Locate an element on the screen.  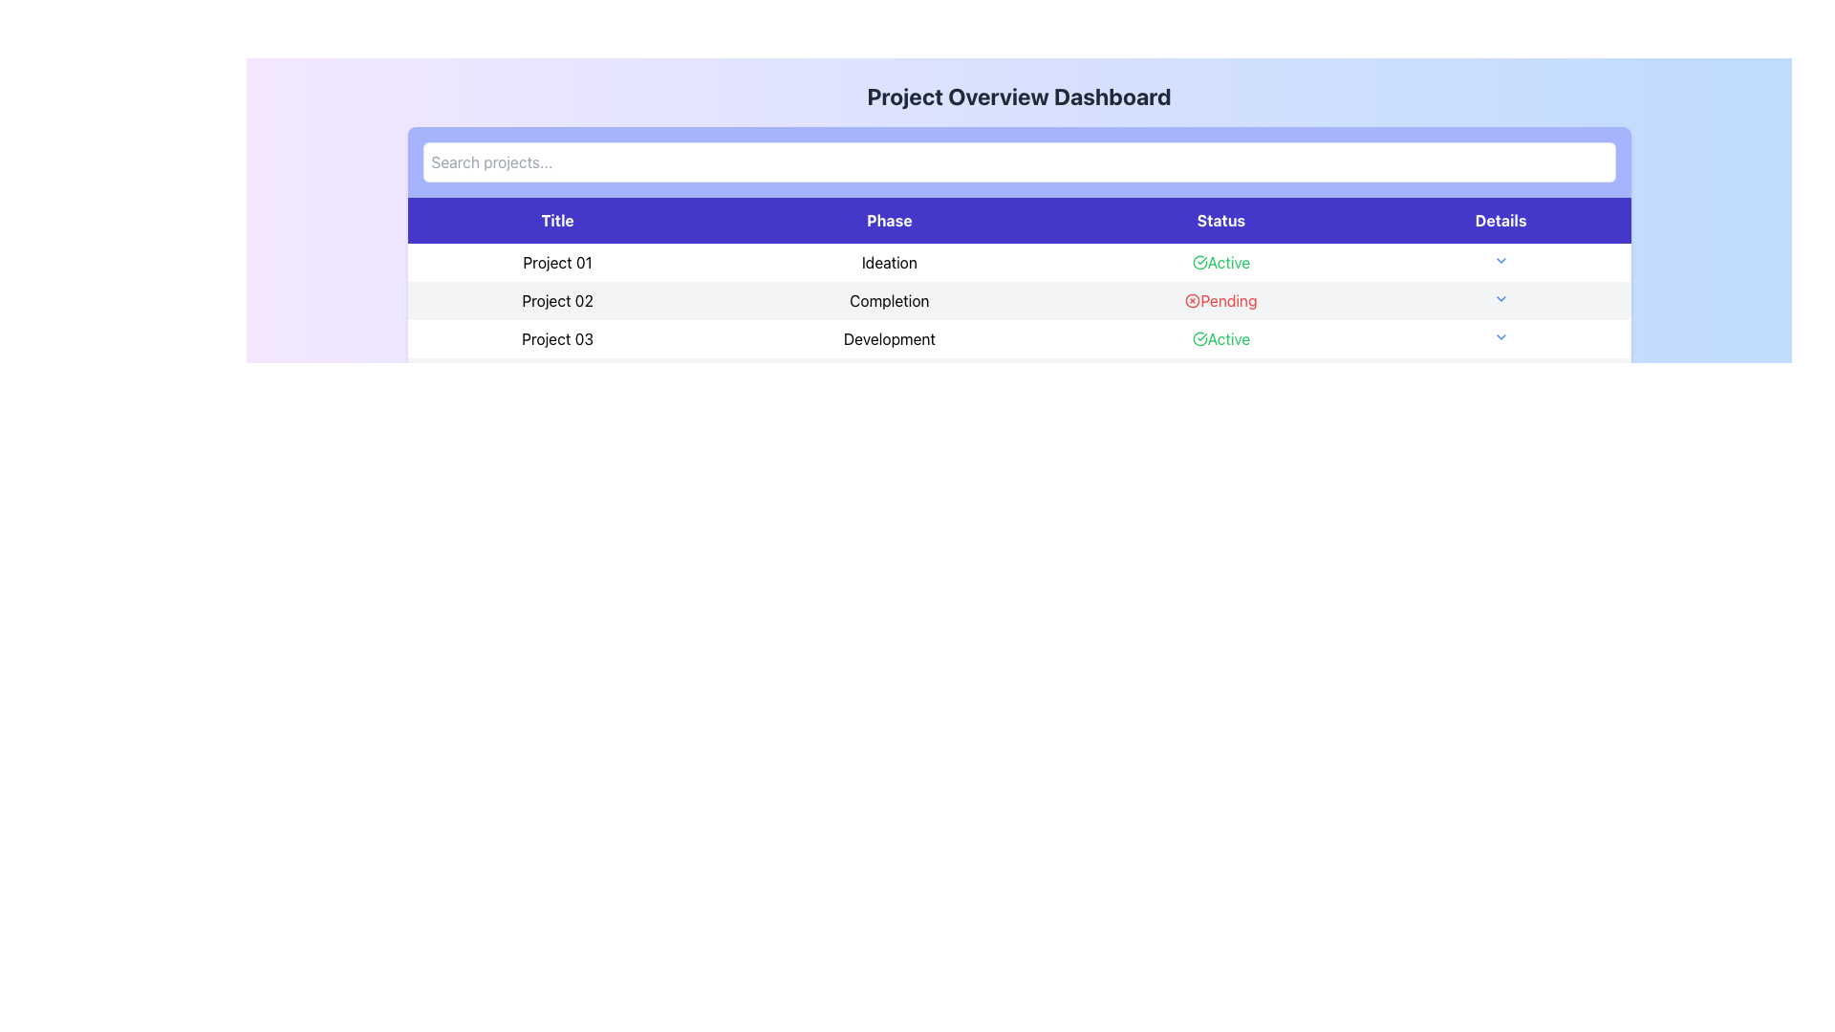
the 'Status' text label, which is the third label in the header row of the interface, displaying the word 'Status' in white font on a blue background is located at coordinates (1220, 220).